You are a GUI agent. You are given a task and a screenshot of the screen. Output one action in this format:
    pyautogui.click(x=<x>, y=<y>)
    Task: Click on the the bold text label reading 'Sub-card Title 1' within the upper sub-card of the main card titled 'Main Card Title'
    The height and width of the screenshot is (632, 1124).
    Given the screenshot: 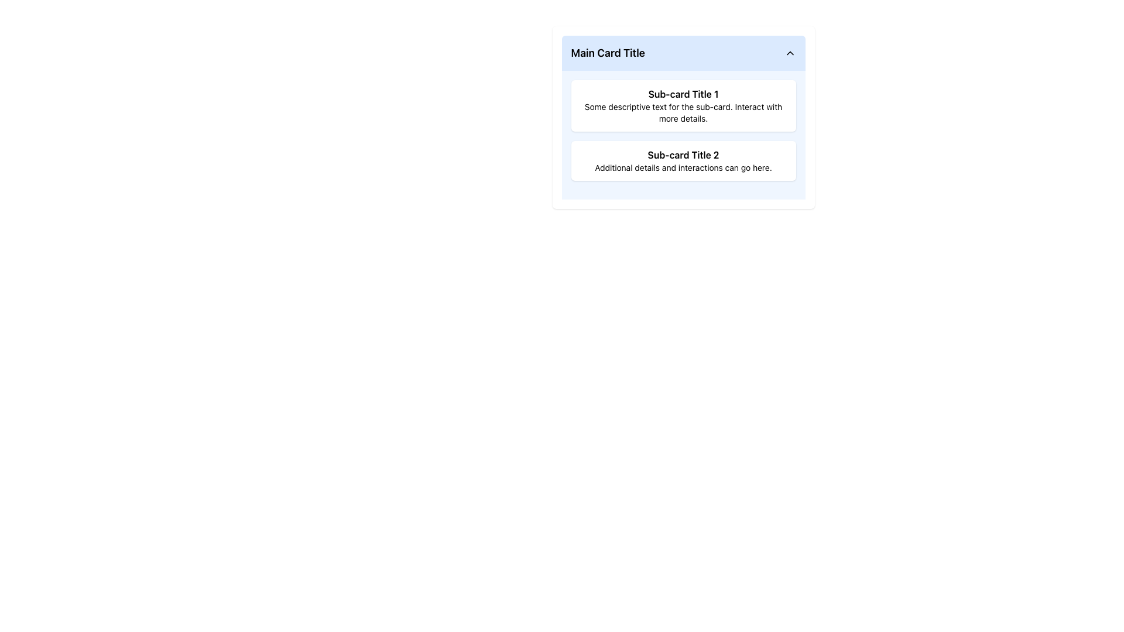 What is the action you would take?
    pyautogui.click(x=683, y=94)
    